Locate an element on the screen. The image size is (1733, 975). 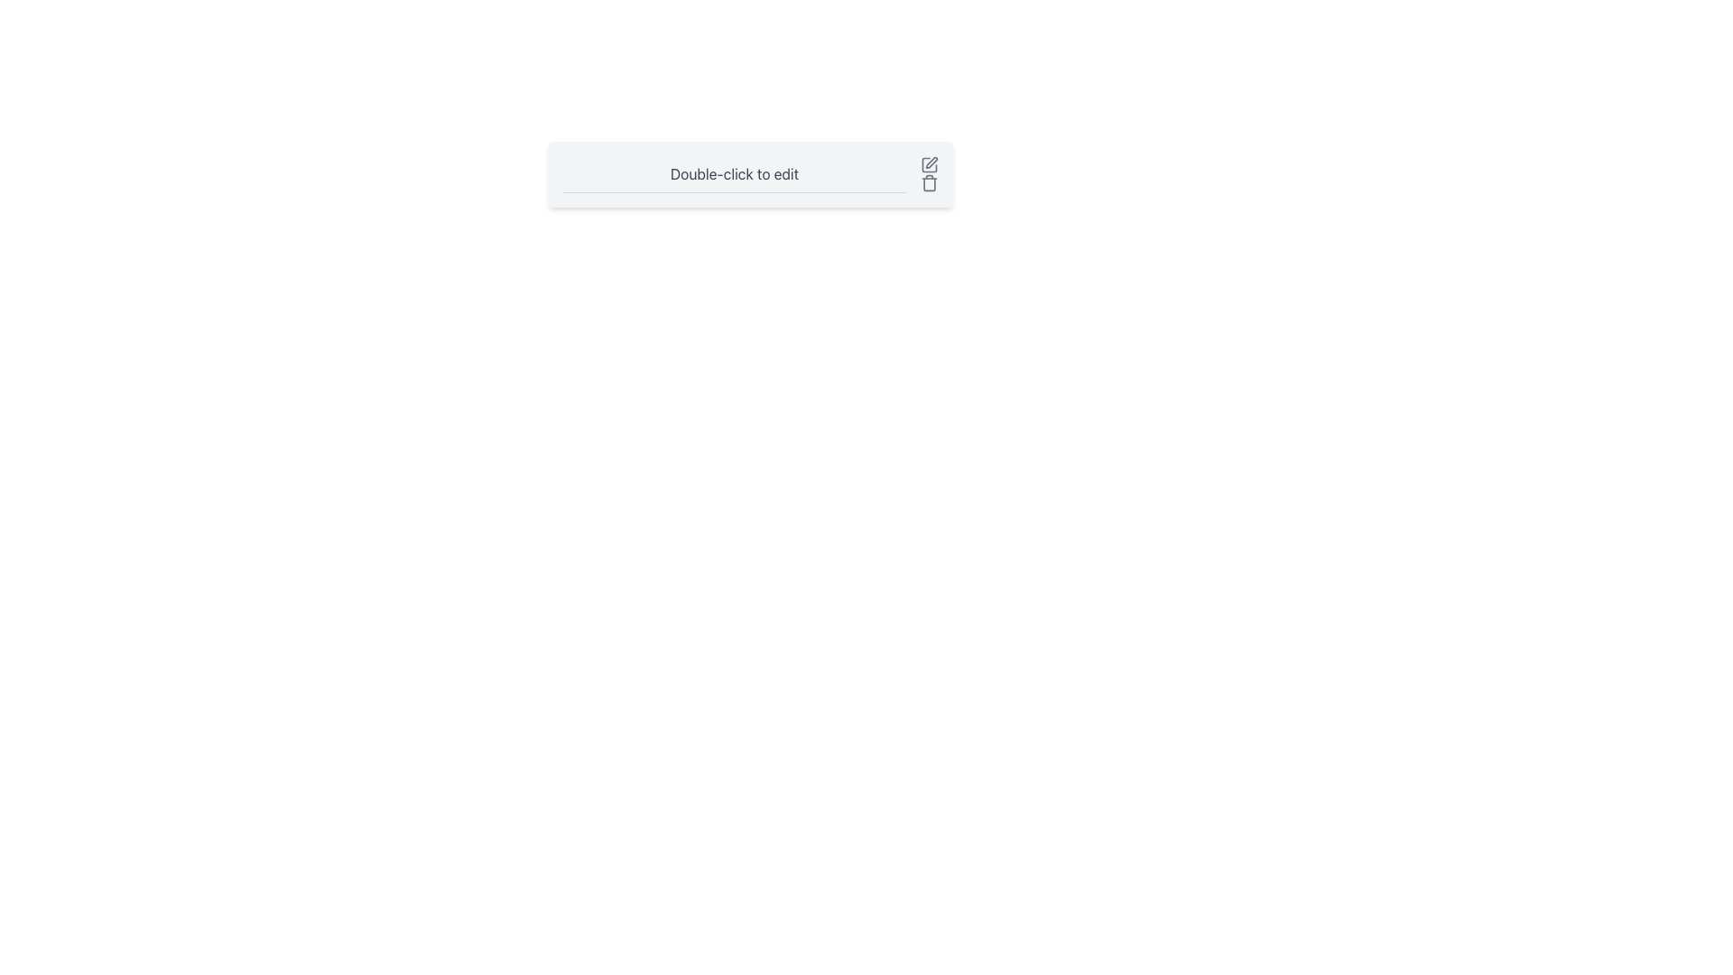
the small pen-shaped icon located in the top-right corner of the square icon is located at coordinates (931, 162).